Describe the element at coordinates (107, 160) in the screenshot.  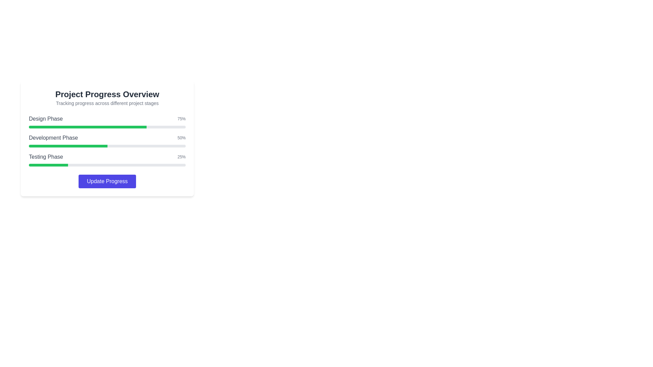
I see `the 'Testing Phase' progress tracker component` at that location.